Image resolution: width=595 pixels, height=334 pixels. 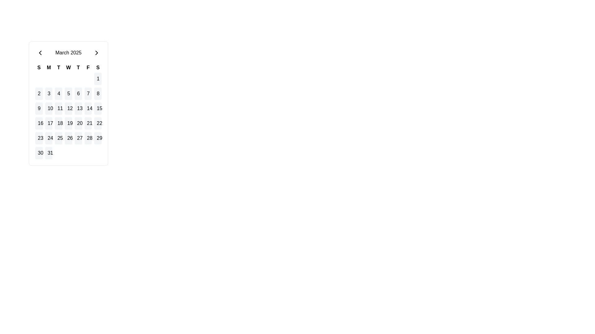 What do you see at coordinates (59, 123) in the screenshot?
I see `the calendar button representing the date '18'` at bounding box center [59, 123].